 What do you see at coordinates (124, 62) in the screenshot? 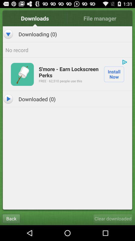
I see `the app below the no record` at bounding box center [124, 62].